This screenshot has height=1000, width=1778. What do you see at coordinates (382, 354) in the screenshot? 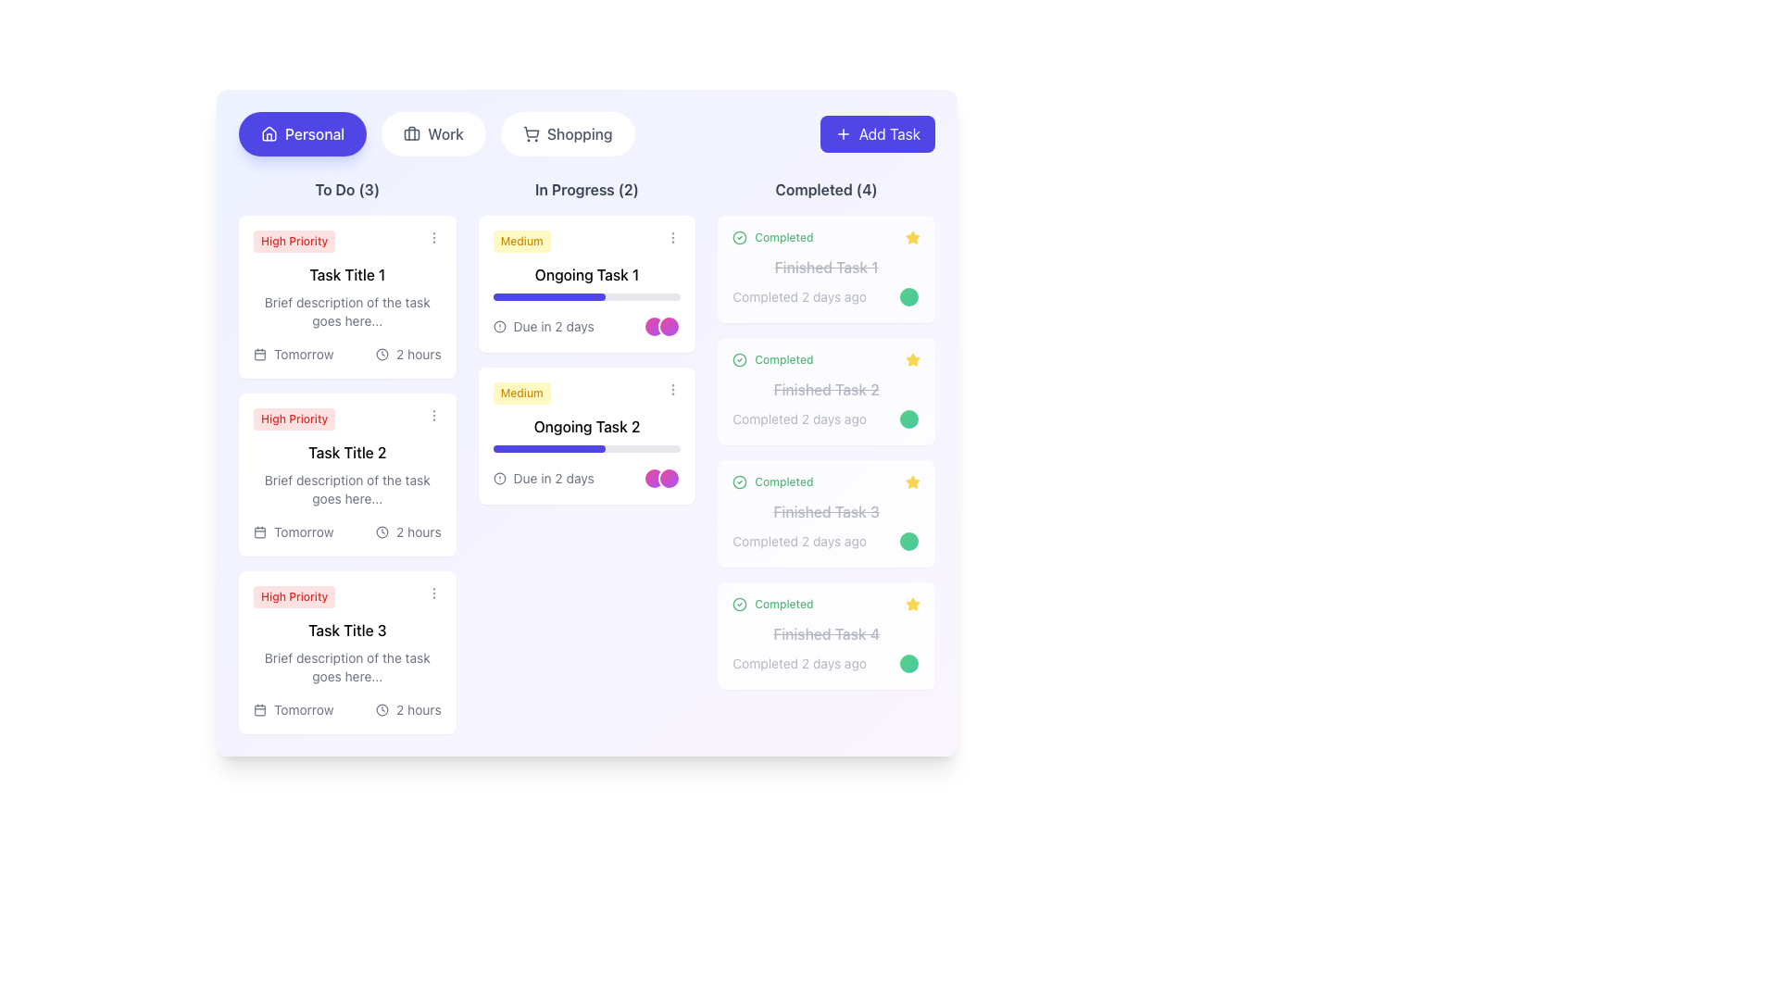
I see `the circular graphic element representing a clock face located in the top right corner of the 'To Do' section` at bounding box center [382, 354].